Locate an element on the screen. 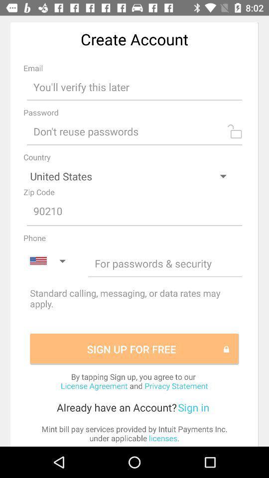  email is located at coordinates (134, 86).